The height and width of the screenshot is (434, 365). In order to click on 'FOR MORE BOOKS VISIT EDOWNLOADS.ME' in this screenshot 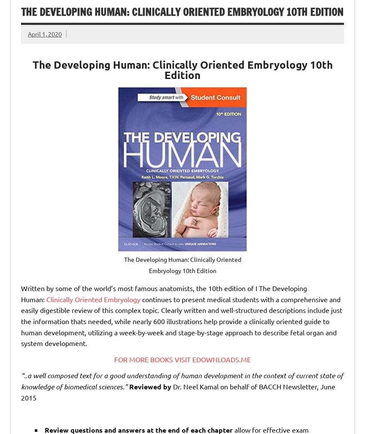, I will do `click(182, 358)`.